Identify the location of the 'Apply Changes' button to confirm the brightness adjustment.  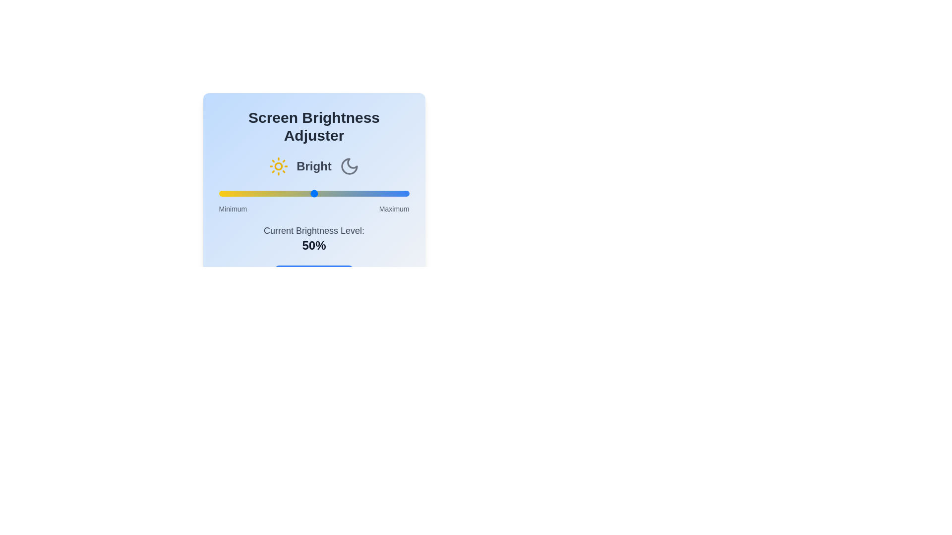
(313, 275).